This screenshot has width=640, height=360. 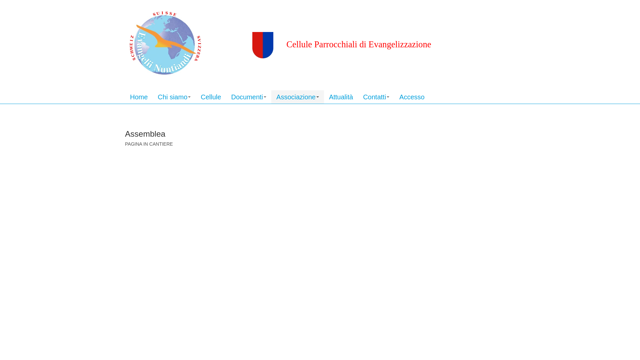 I want to click on 'Contatti', so click(x=376, y=97).